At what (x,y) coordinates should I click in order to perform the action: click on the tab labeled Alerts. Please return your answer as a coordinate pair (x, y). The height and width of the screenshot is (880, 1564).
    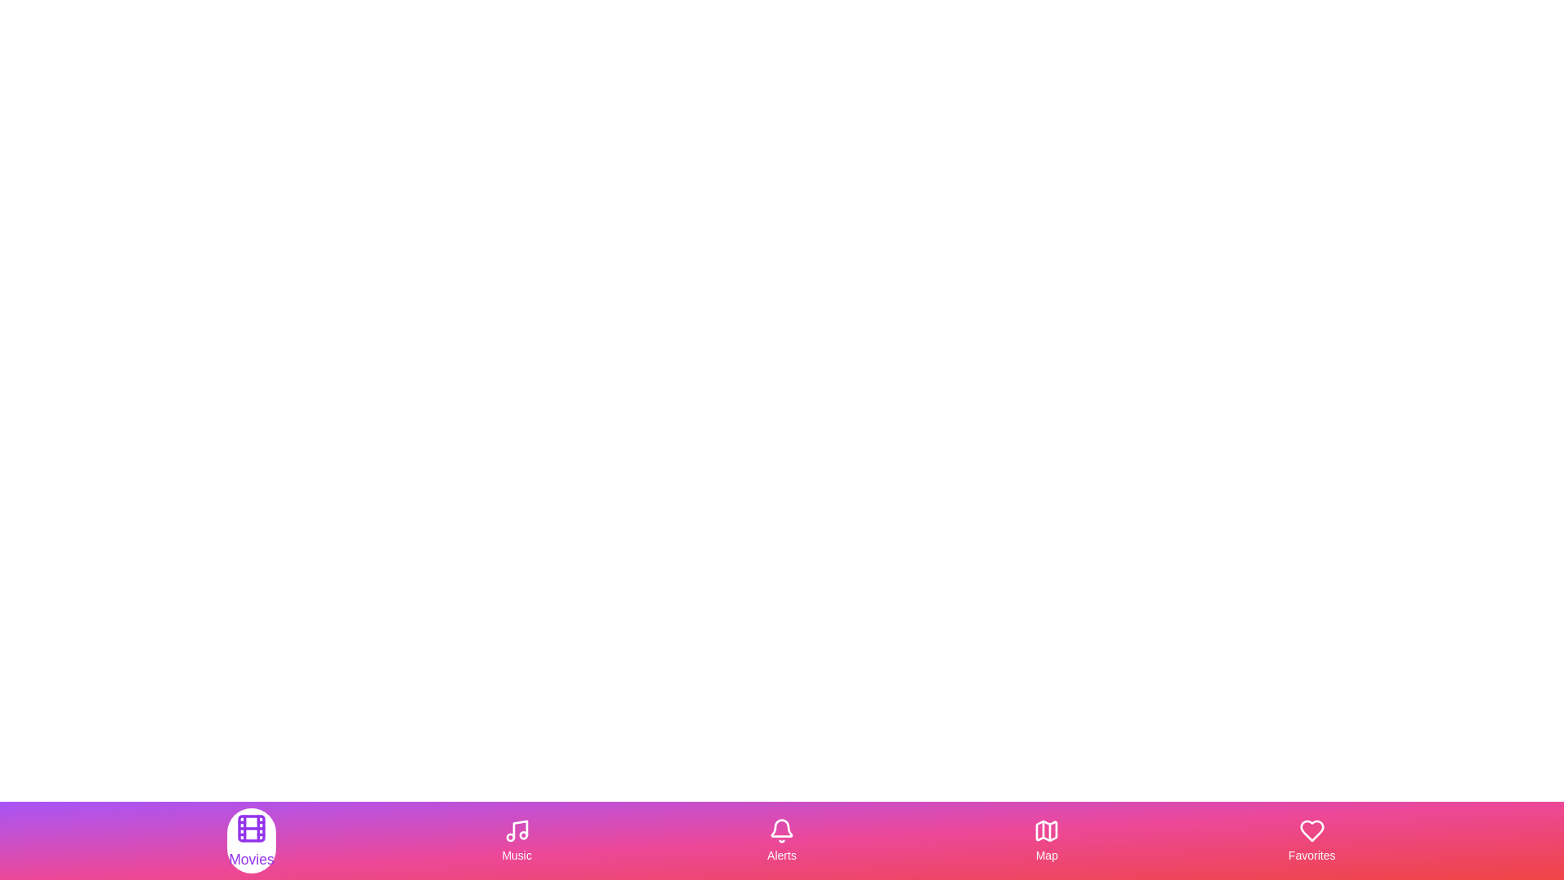
    Looking at the image, I should click on (780, 841).